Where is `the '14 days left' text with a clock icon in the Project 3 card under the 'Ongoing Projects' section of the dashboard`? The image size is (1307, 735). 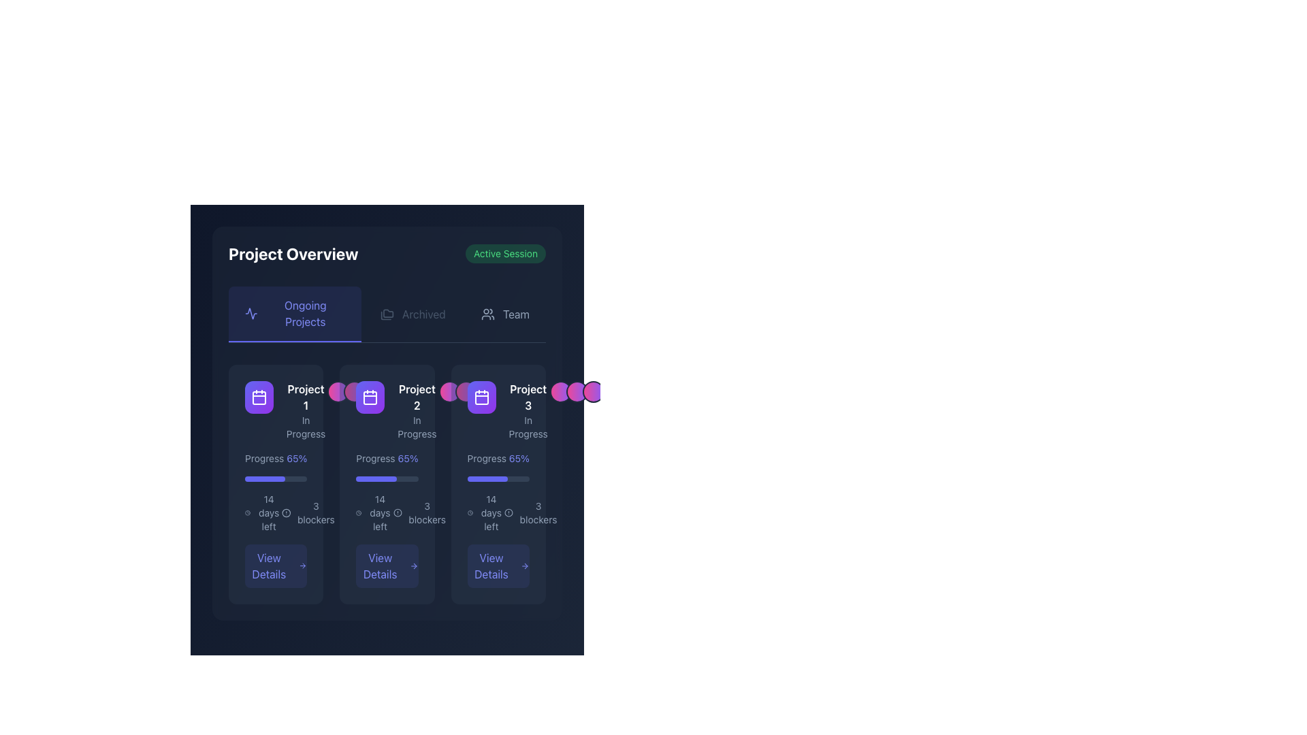 the '14 days left' text with a clock icon in the Project 3 card under the 'Ongoing Projects' section of the dashboard is located at coordinates (485, 512).